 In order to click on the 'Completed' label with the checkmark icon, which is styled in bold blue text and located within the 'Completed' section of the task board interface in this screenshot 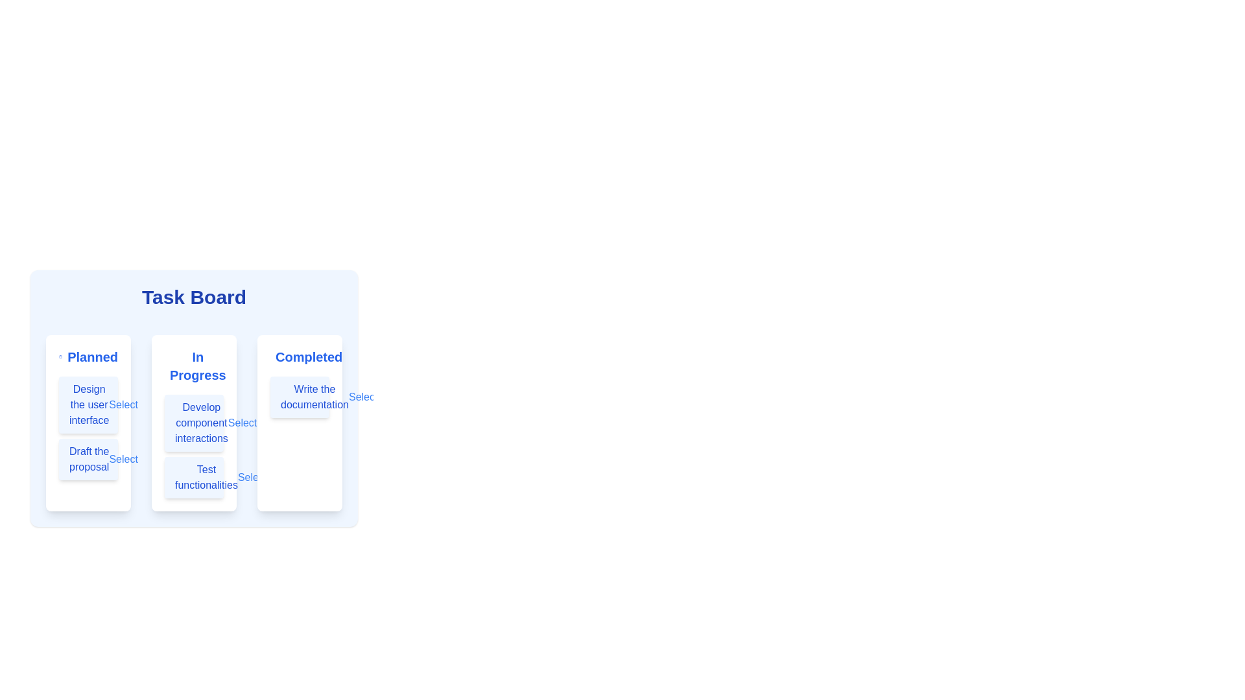, I will do `click(299, 357)`.